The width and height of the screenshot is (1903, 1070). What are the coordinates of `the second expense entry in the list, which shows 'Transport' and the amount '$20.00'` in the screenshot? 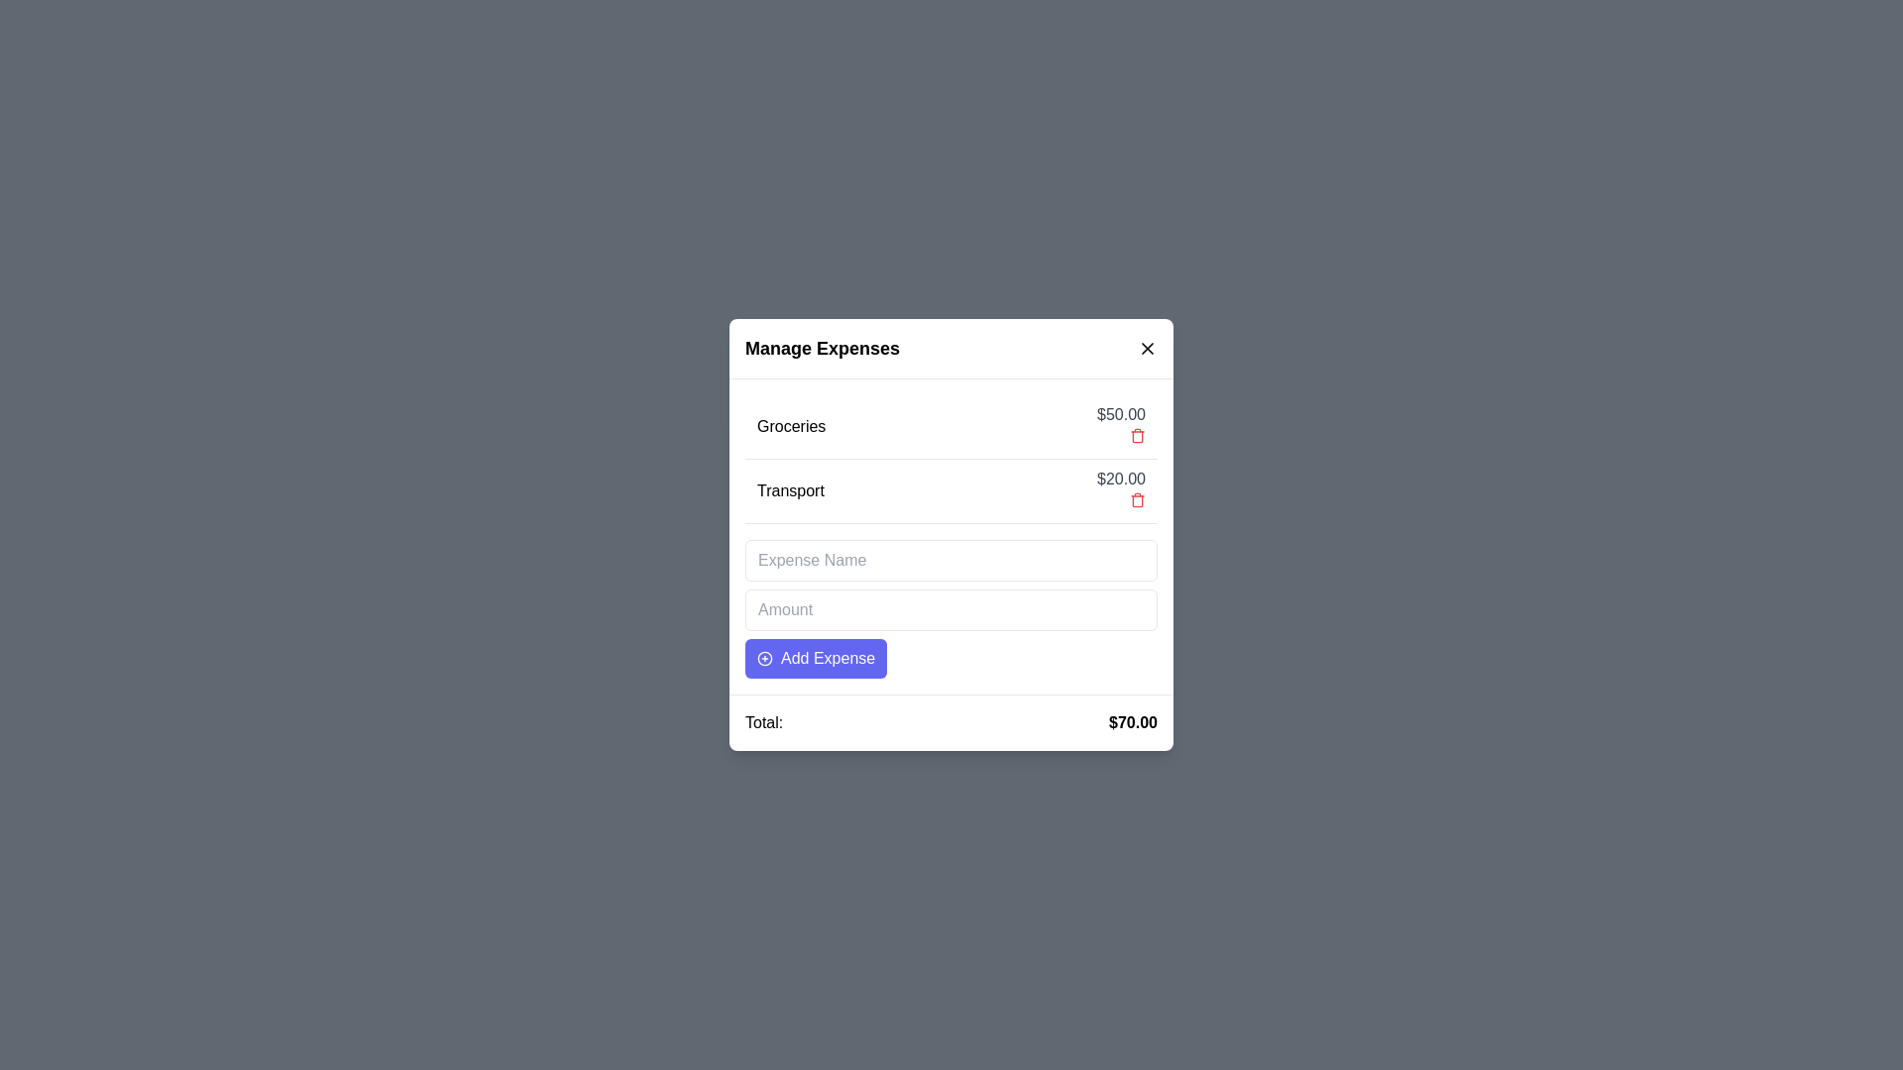 It's located at (951, 490).